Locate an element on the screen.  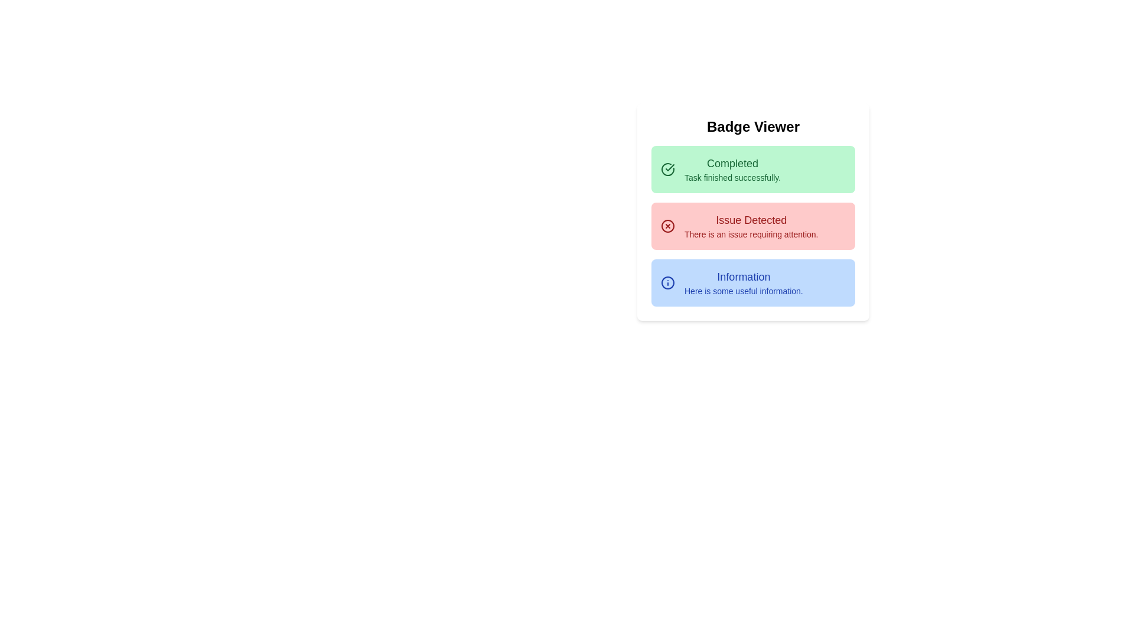
text from the Text Label located below the 'Issue Detected' header within the red shaded box in the 'Badge Viewer' is located at coordinates (751, 235).